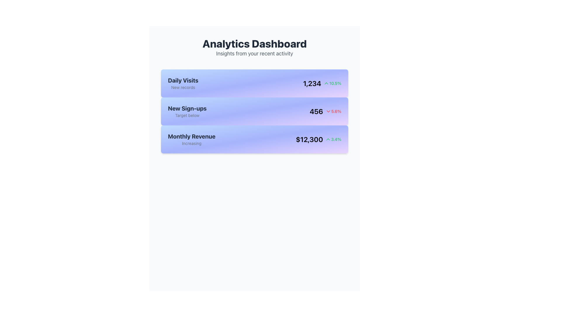 The width and height of the screenshot is (561, 315). I want to click on the second line of text in the 'Monthly Revenue' section that provides additional context about its current trend or state, so click(192, 143).